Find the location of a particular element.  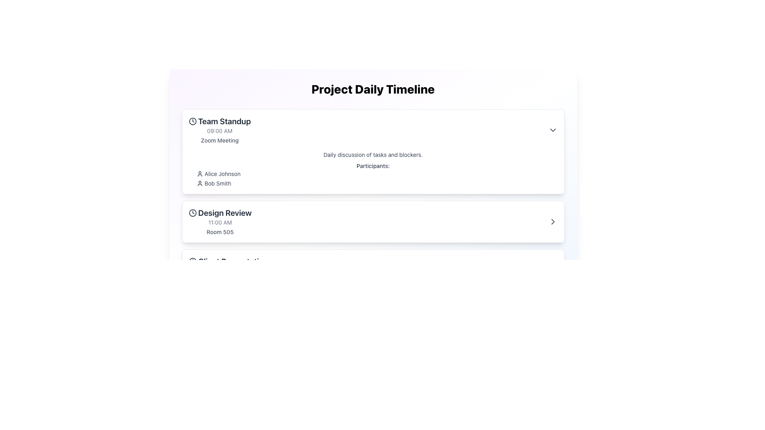

the chevron icon in the 'Design Review' section is located at coordinates (552, 221).